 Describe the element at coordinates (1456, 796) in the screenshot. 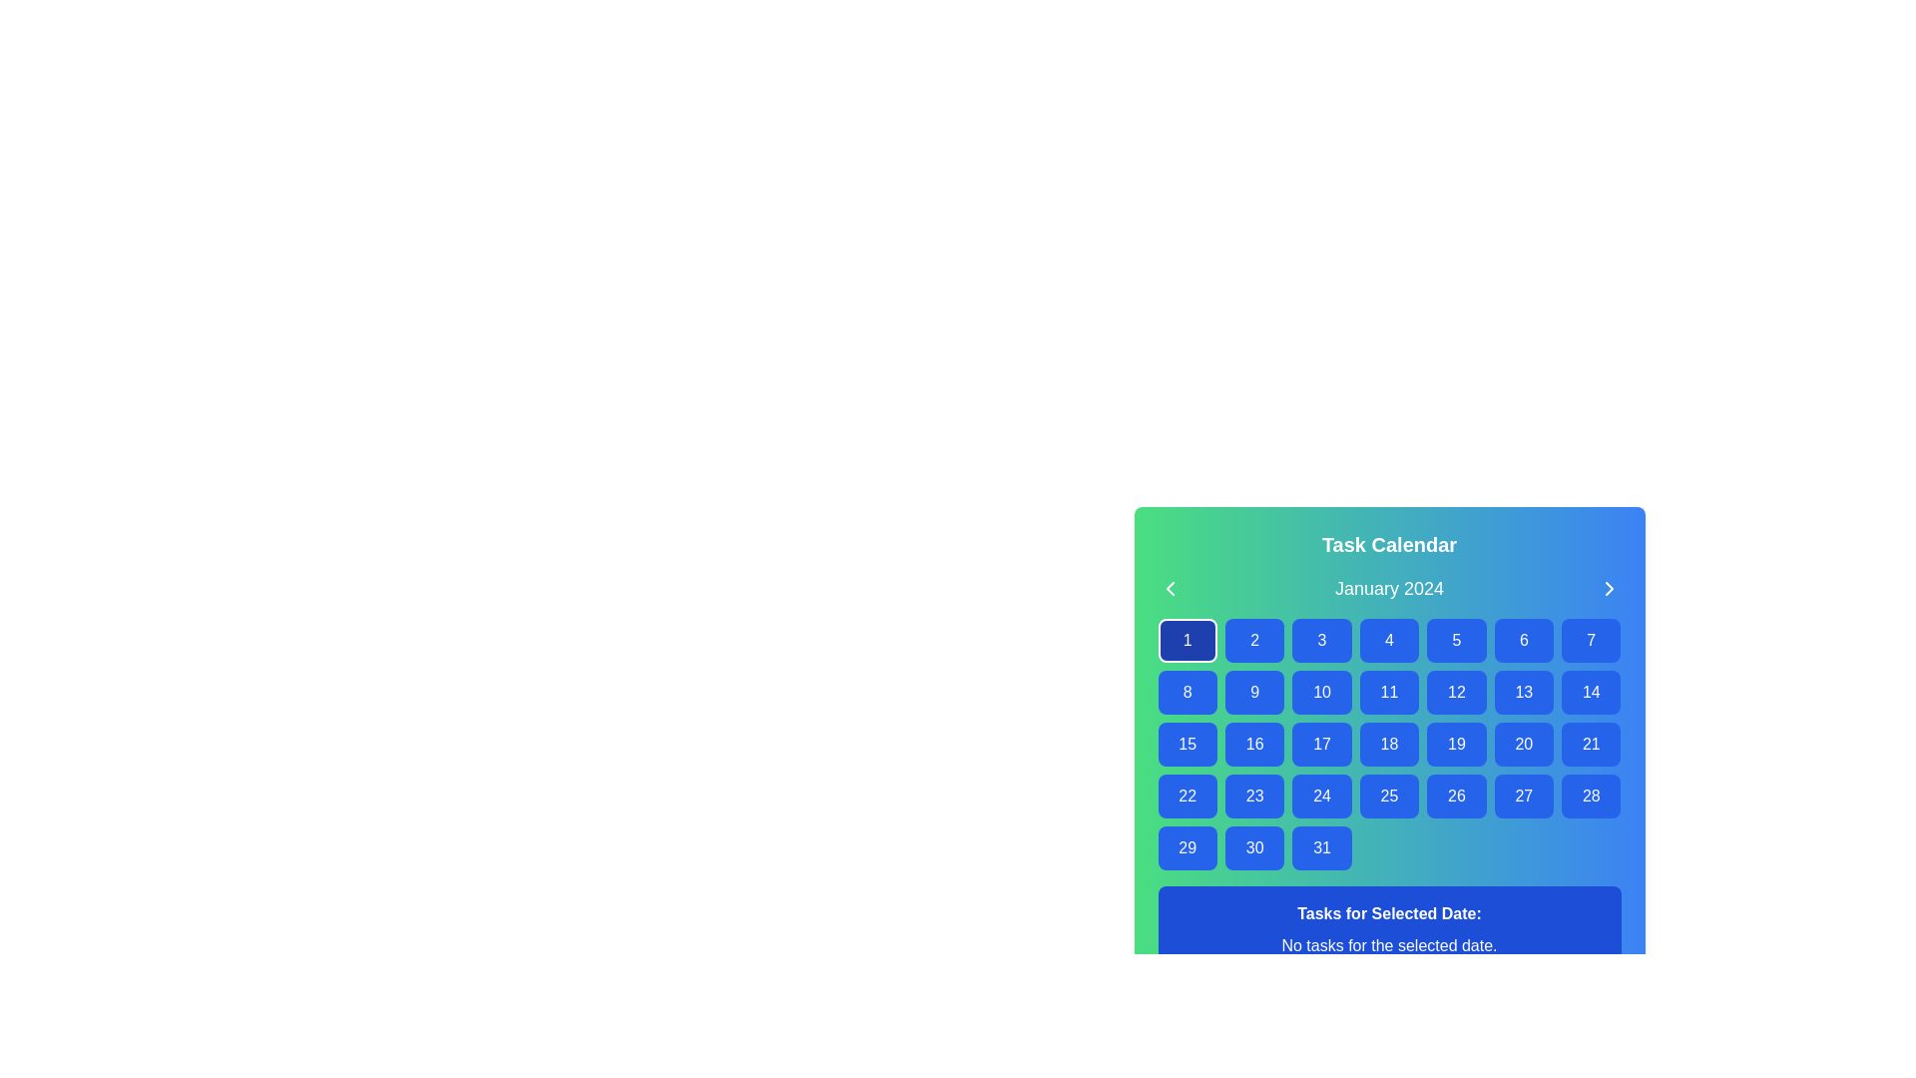

I see `the button labeled '26' in the January 2024 calendar grid` at that location.